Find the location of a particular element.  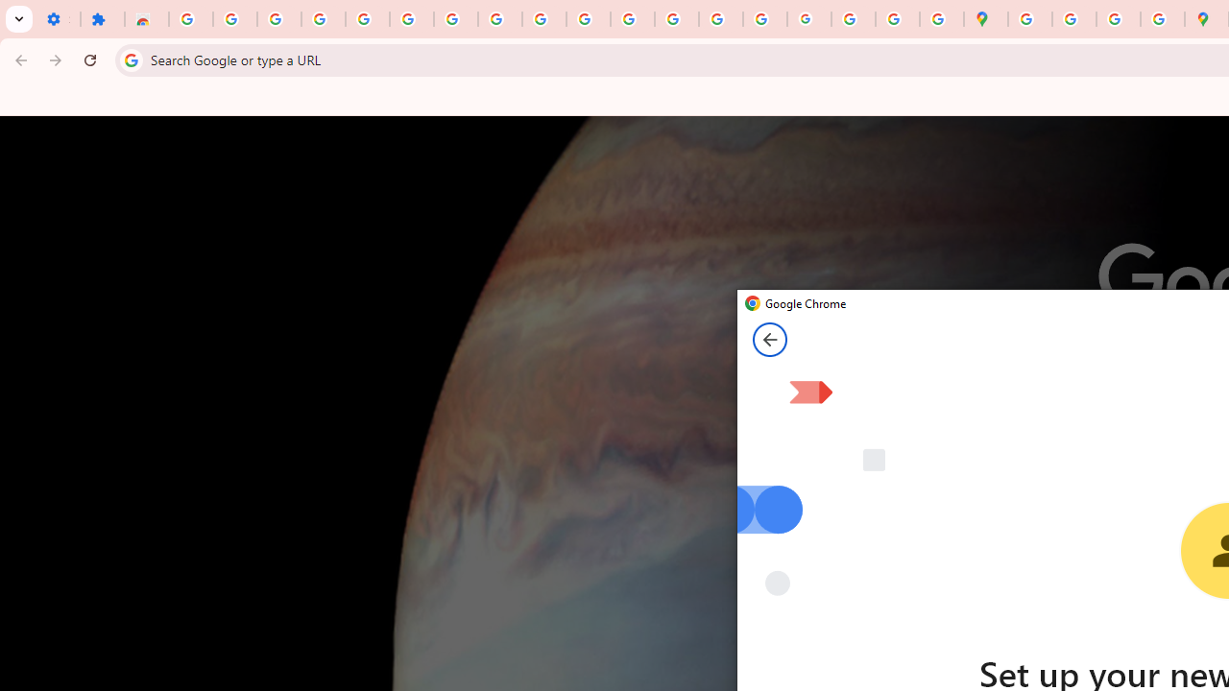

'Settings - On startup' is located at coordinates (58, 19).